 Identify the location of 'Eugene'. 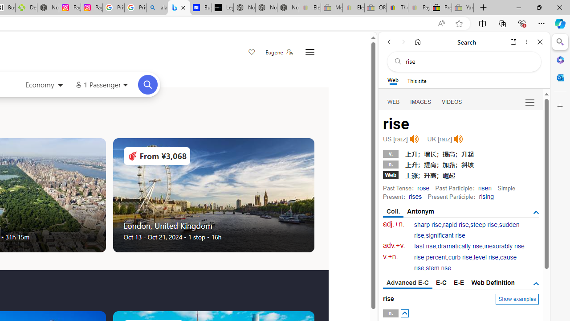
(278, 52).